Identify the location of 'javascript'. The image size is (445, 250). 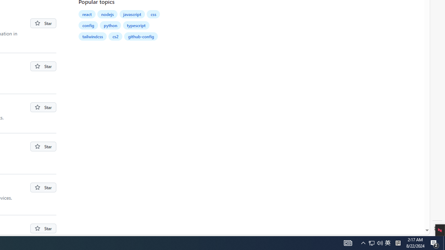
(132, 14).